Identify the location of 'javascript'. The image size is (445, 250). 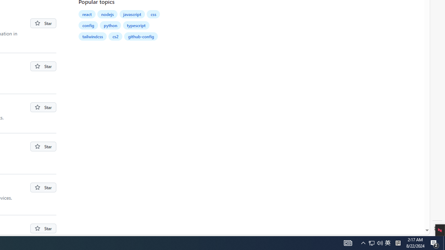
(132, 14).